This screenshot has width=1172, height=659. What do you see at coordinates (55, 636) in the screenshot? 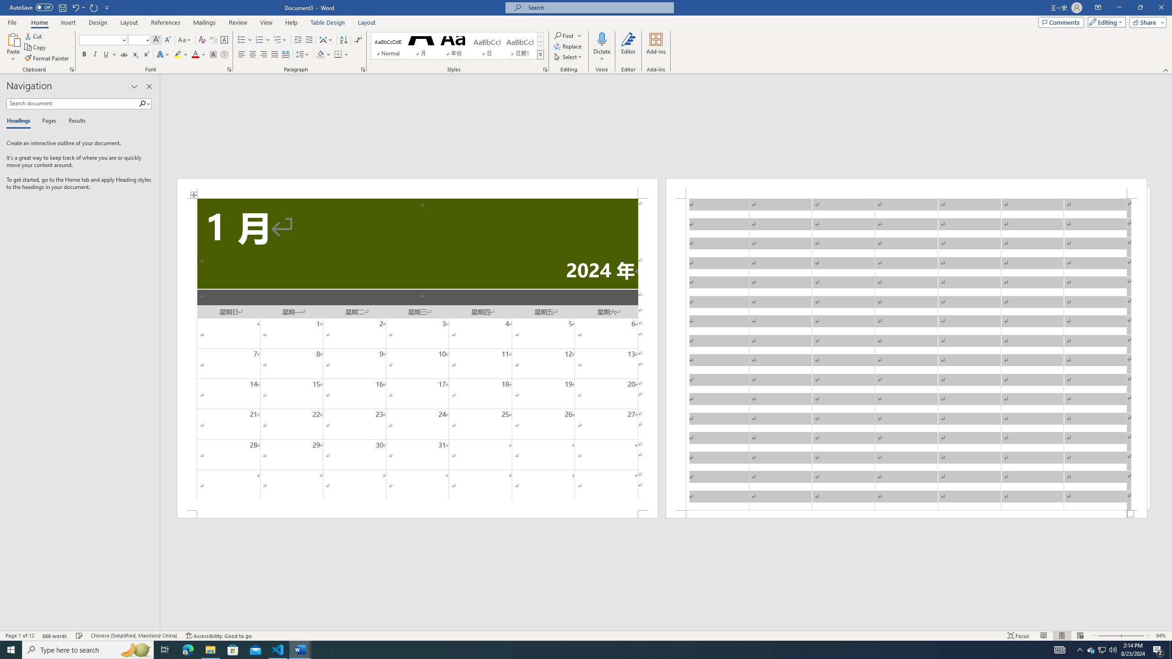
I see `'Word Count 666 words'` at bounding box center [55, 636].